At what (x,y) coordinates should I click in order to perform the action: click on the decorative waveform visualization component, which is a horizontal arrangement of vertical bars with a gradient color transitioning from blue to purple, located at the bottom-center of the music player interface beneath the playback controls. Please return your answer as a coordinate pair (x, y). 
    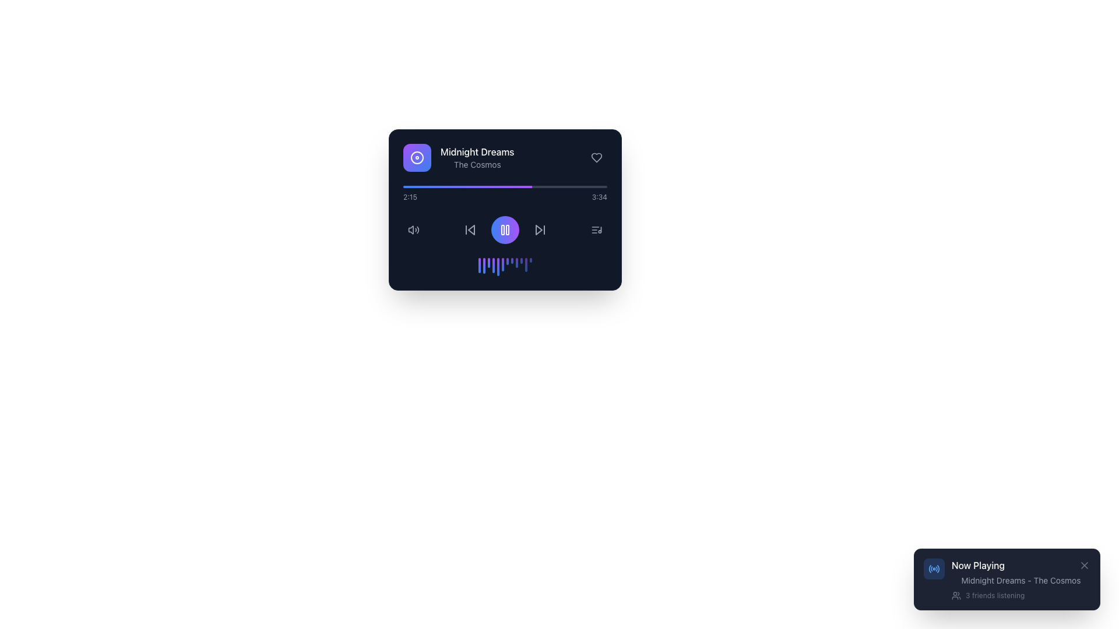
    Looking at the image, I should click on (505, 267).